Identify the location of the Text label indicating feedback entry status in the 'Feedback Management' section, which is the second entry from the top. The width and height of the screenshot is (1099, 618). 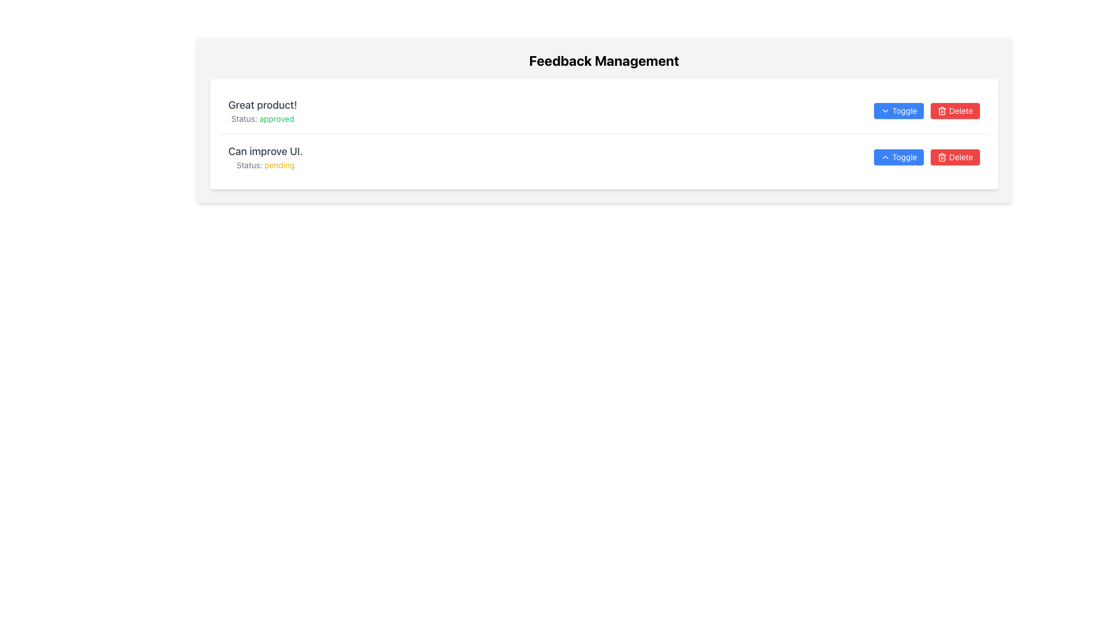
(265, 157).